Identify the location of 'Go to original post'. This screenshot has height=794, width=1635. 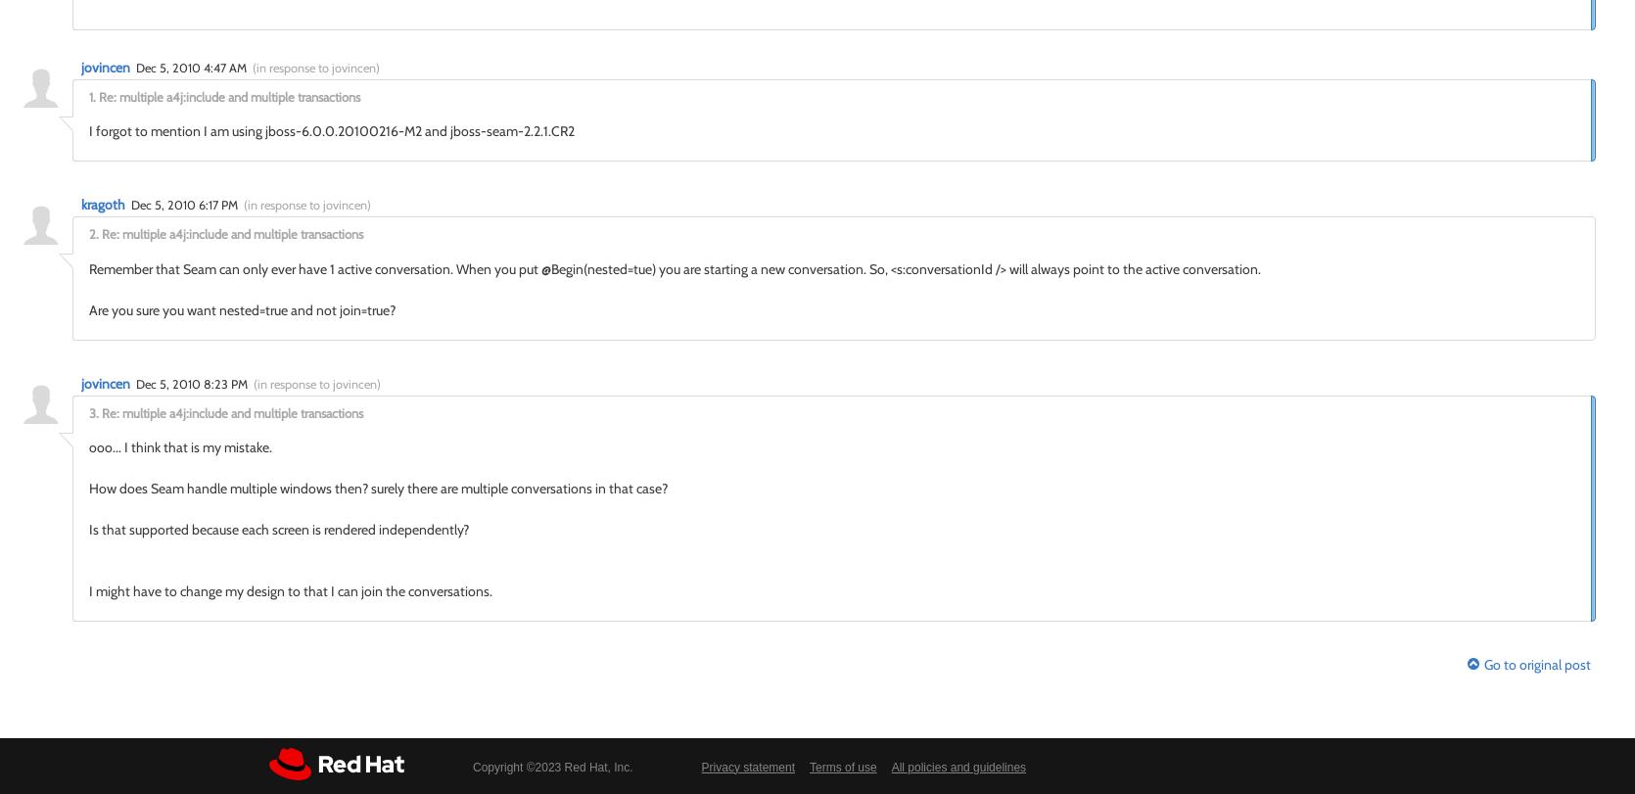
(1537, 663).